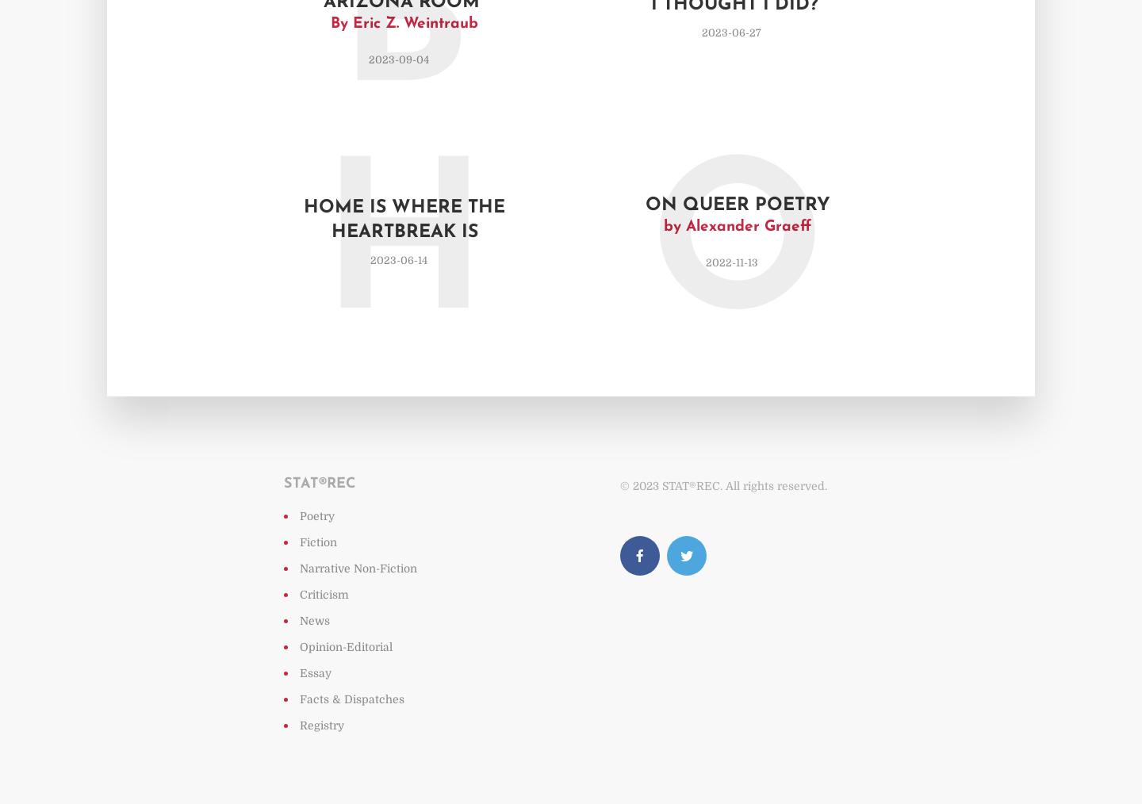 The height and width of the screenshot is (804, 1142). What do you see at coordinates (404, 220) in the screenshot?
I see `'Home Is Where the Heartbreak Is'` at bounding box center [404, 220].